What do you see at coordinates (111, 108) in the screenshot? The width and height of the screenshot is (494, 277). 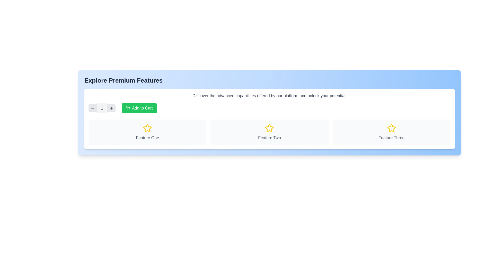 I see `the circular gray button with a plus symbol located on the right side of the control group for modifying the displayed numeric value` at bounding box center [111, 108].